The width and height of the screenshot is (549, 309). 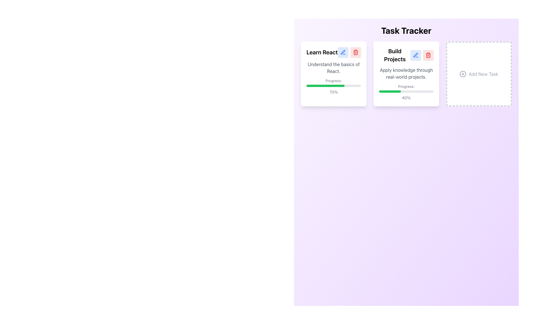 I want to click on around the progress bar indicating '40%' under the 'Build Projects' heading, so click(x=406, y=92).